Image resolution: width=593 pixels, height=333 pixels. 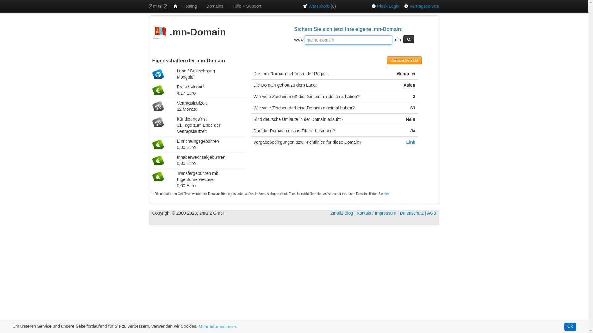 I want to click on 'Warenkorb', so click(x=319, y=6).